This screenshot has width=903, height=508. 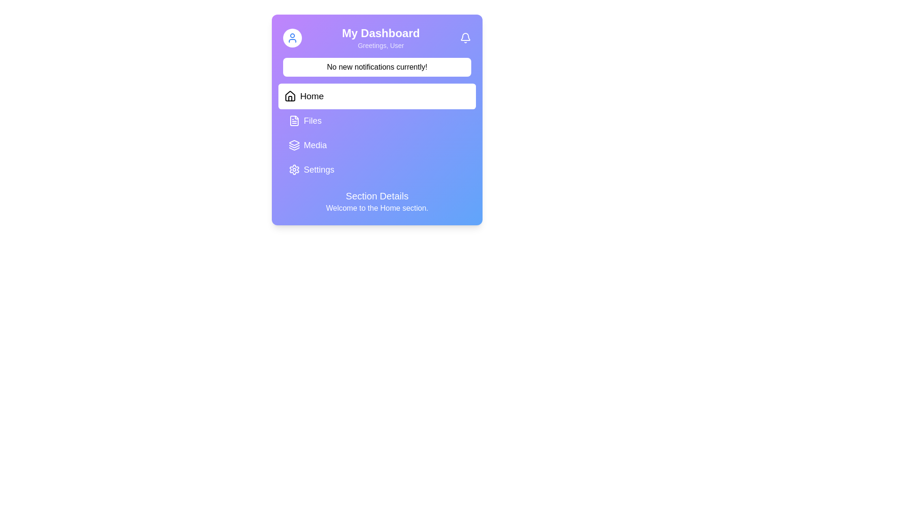 I want to click on the 'Settings' icon located at the top-right corner of the interface, adjacent to the 'My Dashboard' label, which represents options or preferences modification, so click(x=293, y=170).